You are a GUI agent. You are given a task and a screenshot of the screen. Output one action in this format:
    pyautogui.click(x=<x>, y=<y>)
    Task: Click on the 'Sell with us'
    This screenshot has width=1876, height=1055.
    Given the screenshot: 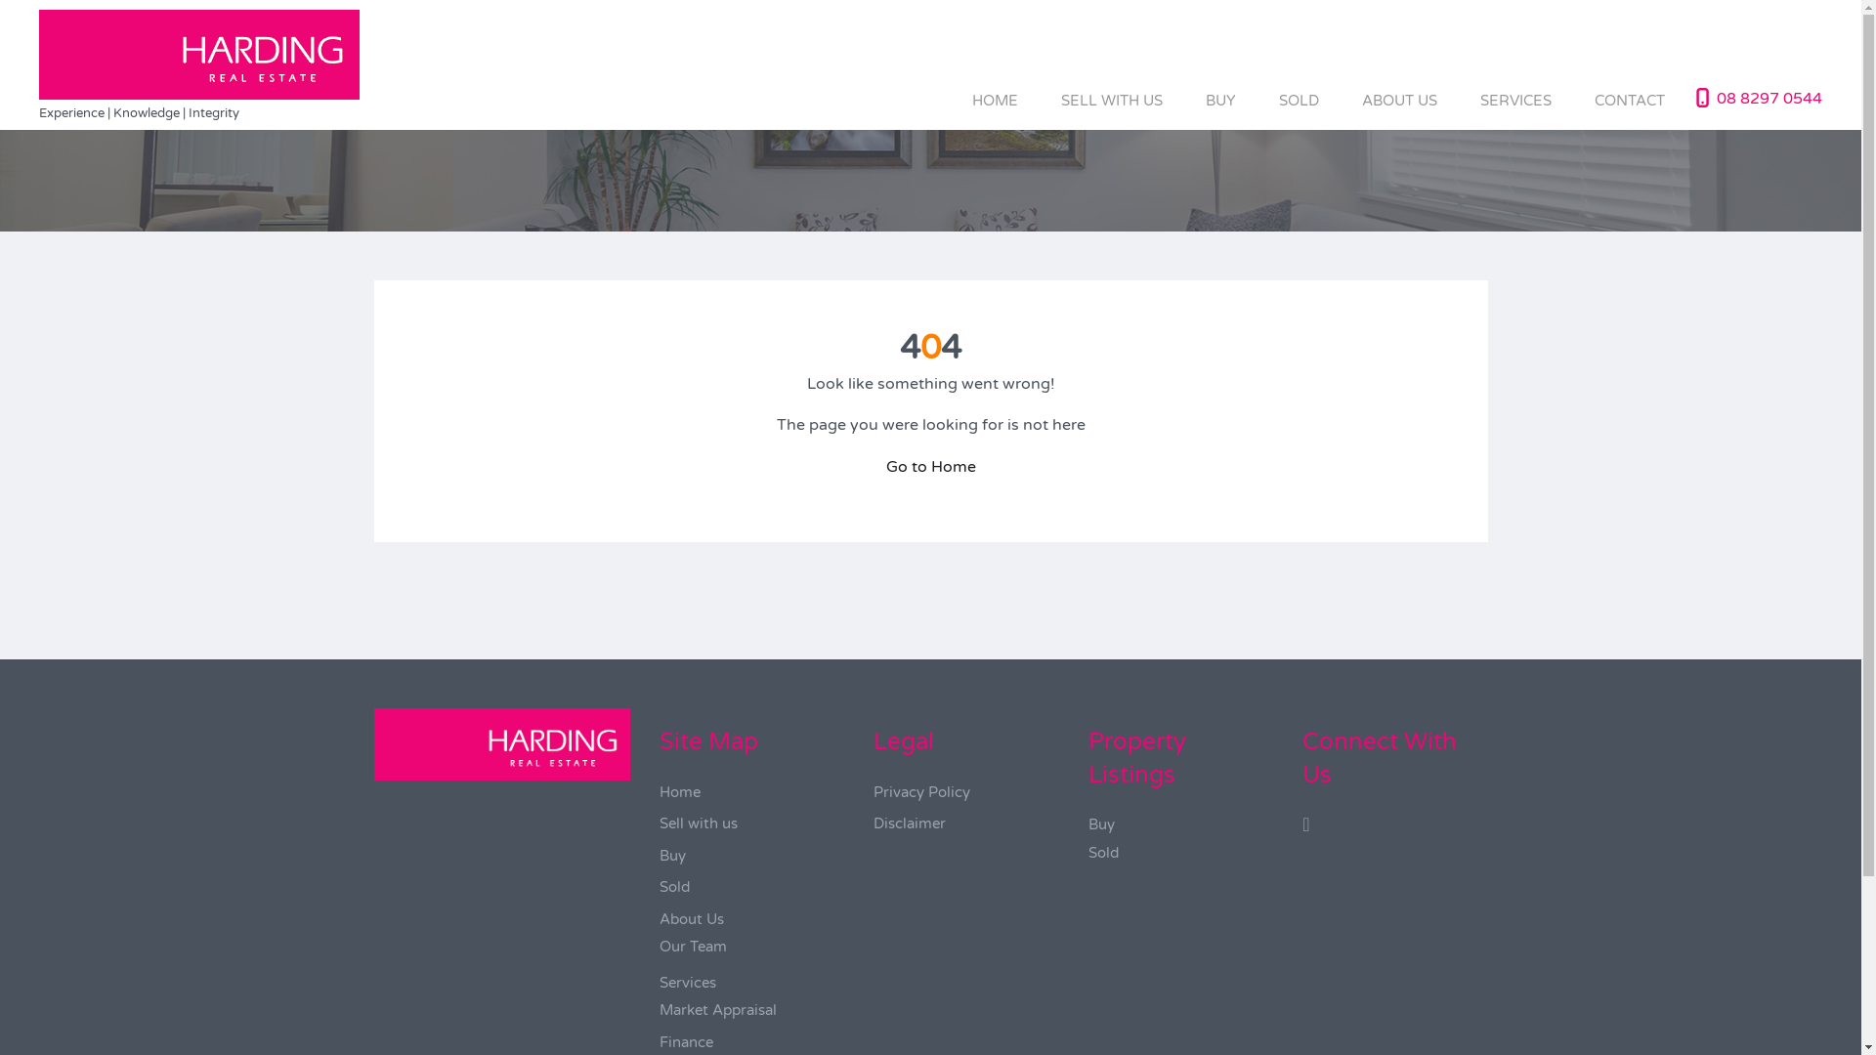 What is the action you would take?
    pyautogui.click(x=660, y=823)
    